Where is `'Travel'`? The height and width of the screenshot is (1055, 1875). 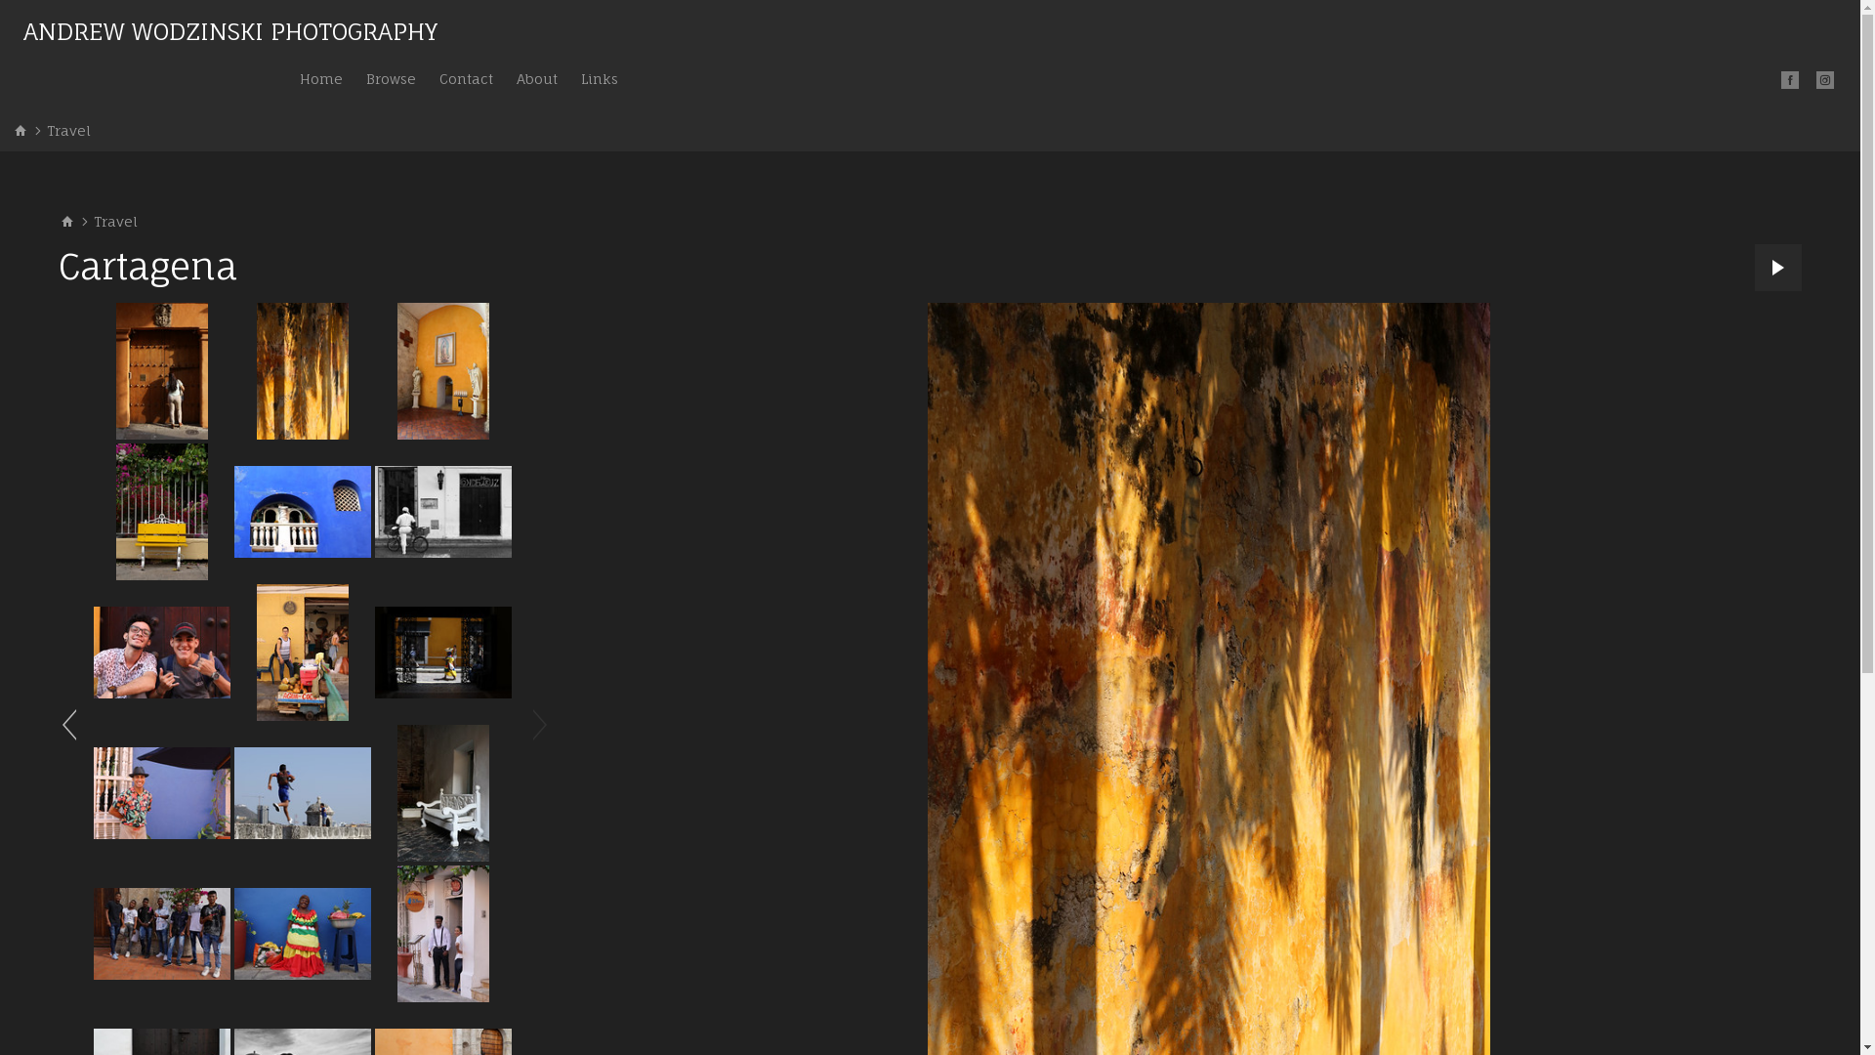
'Travel' is located at coordinates (114, 221).